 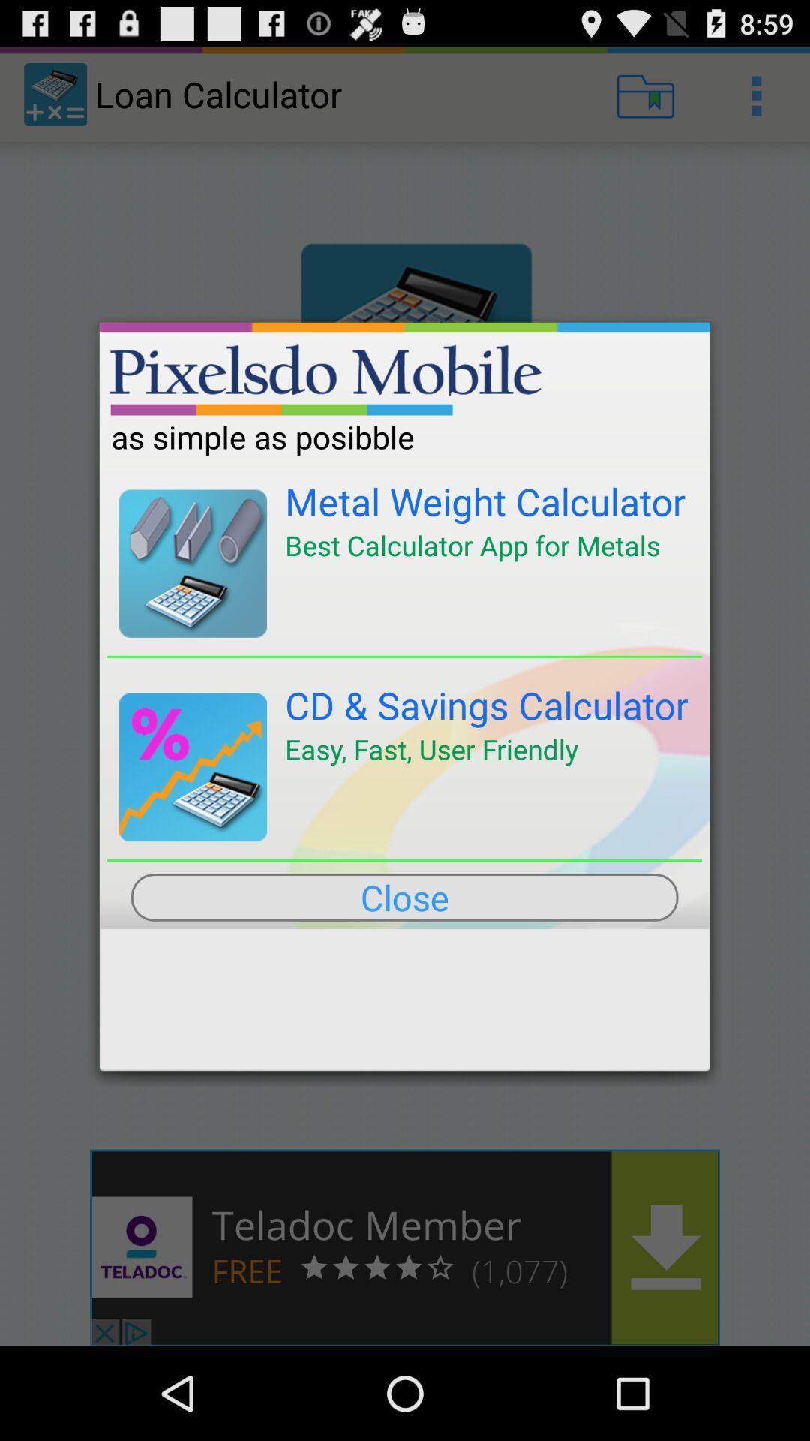 What do you see at coordinates (485, 501) in the screenshot?
I see `the metal weight calculator icon` at bounding box center [485, 501].